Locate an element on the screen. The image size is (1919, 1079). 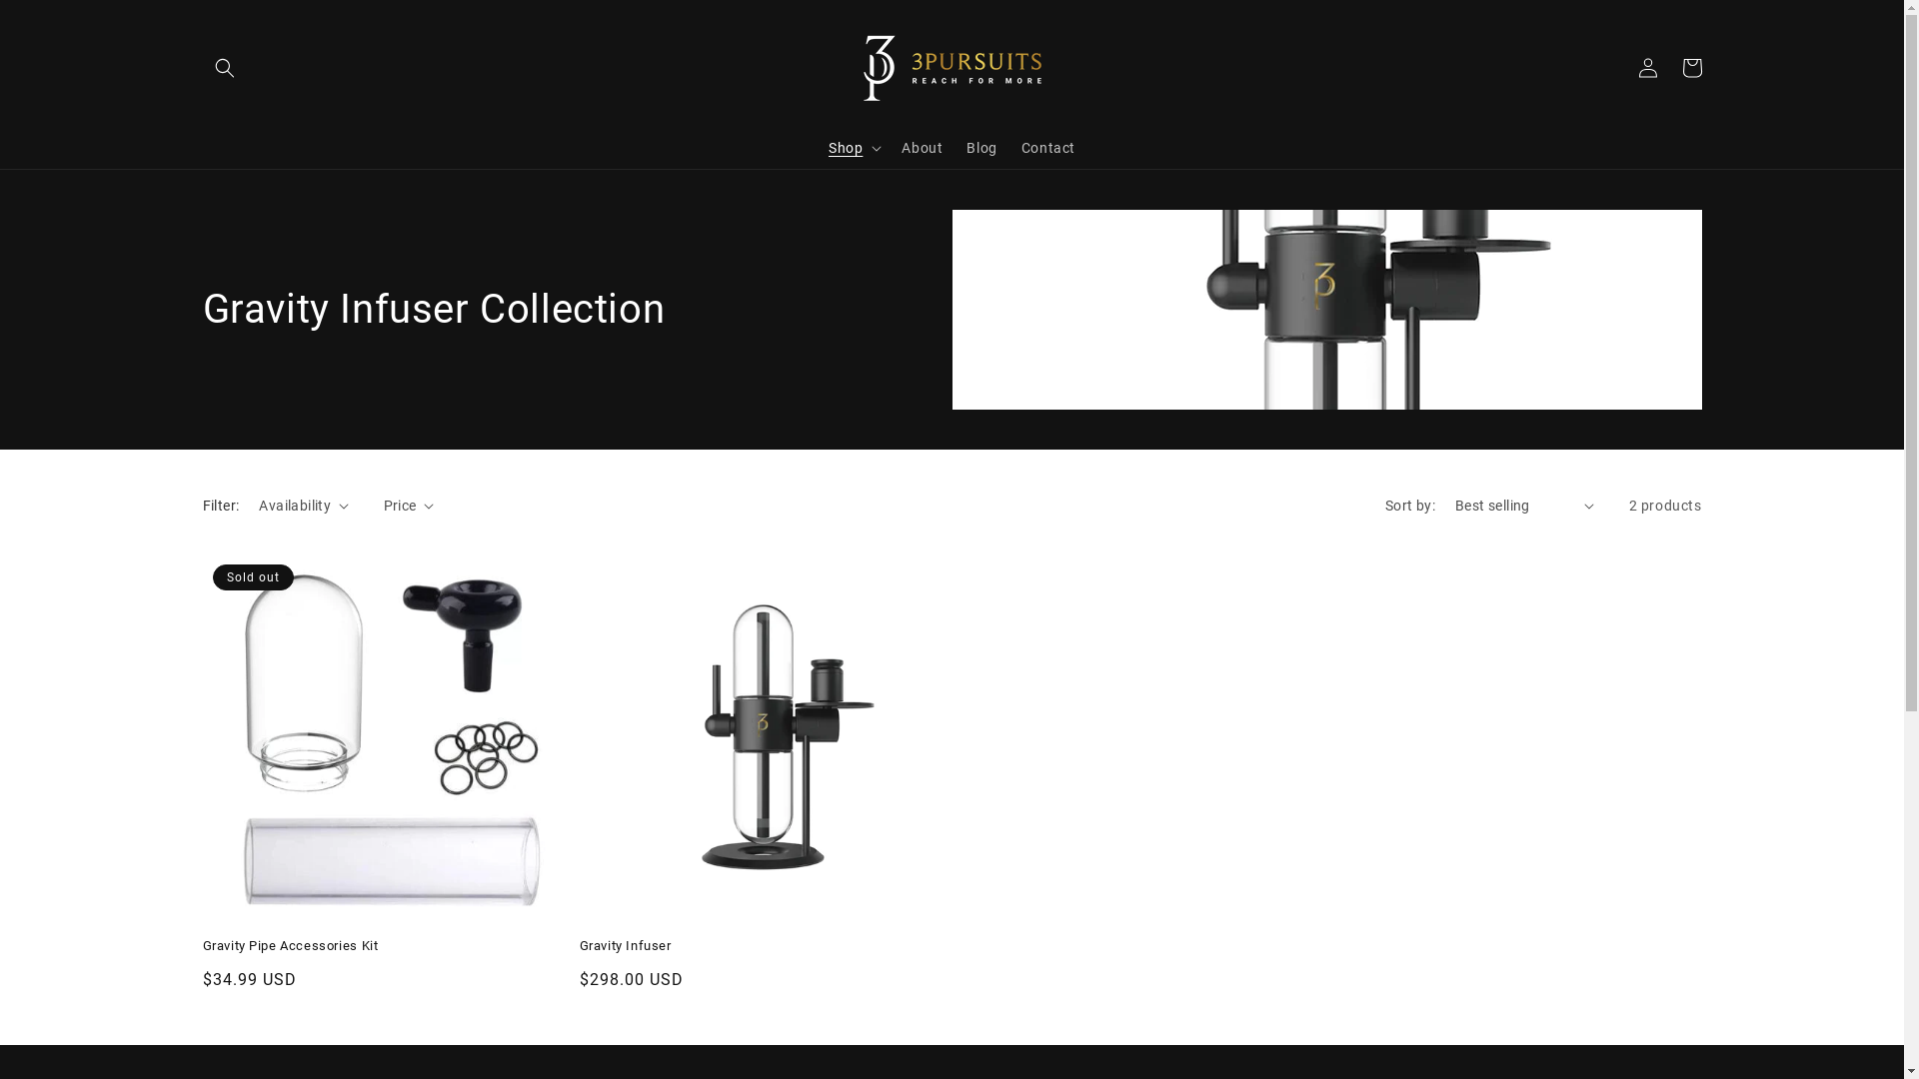
'Gravity Infuser' is located at coordinates (763, 945).